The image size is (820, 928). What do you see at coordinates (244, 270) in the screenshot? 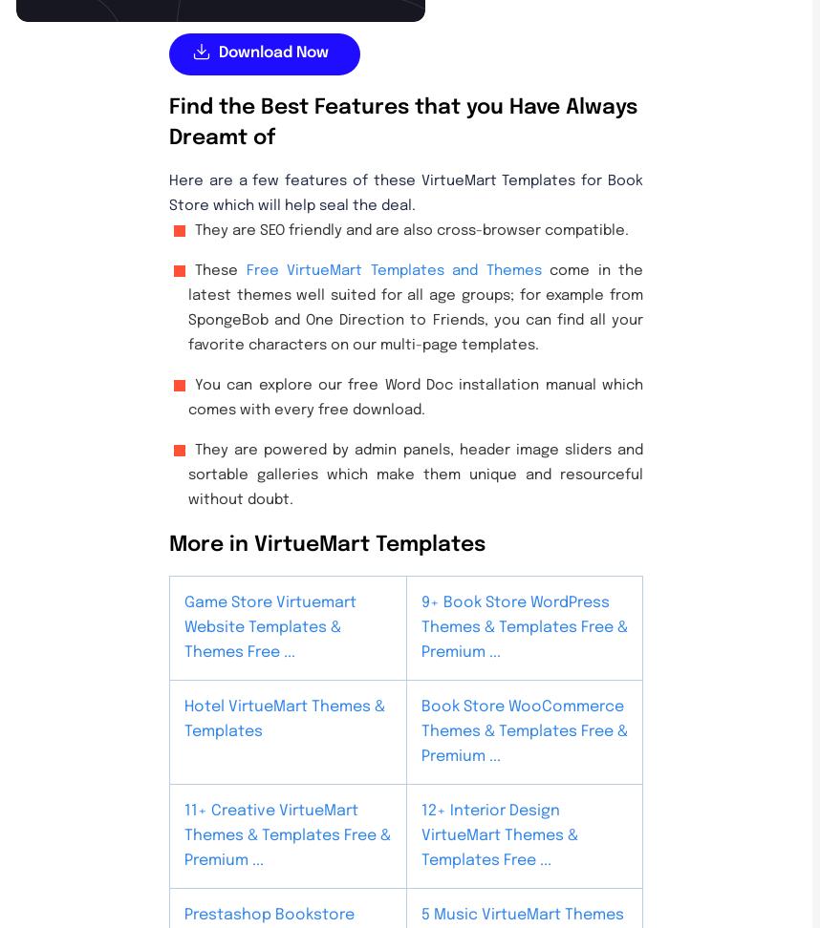
I see `'Free VirtueMart Templates and Themes'` at bounding box center [244, 270].